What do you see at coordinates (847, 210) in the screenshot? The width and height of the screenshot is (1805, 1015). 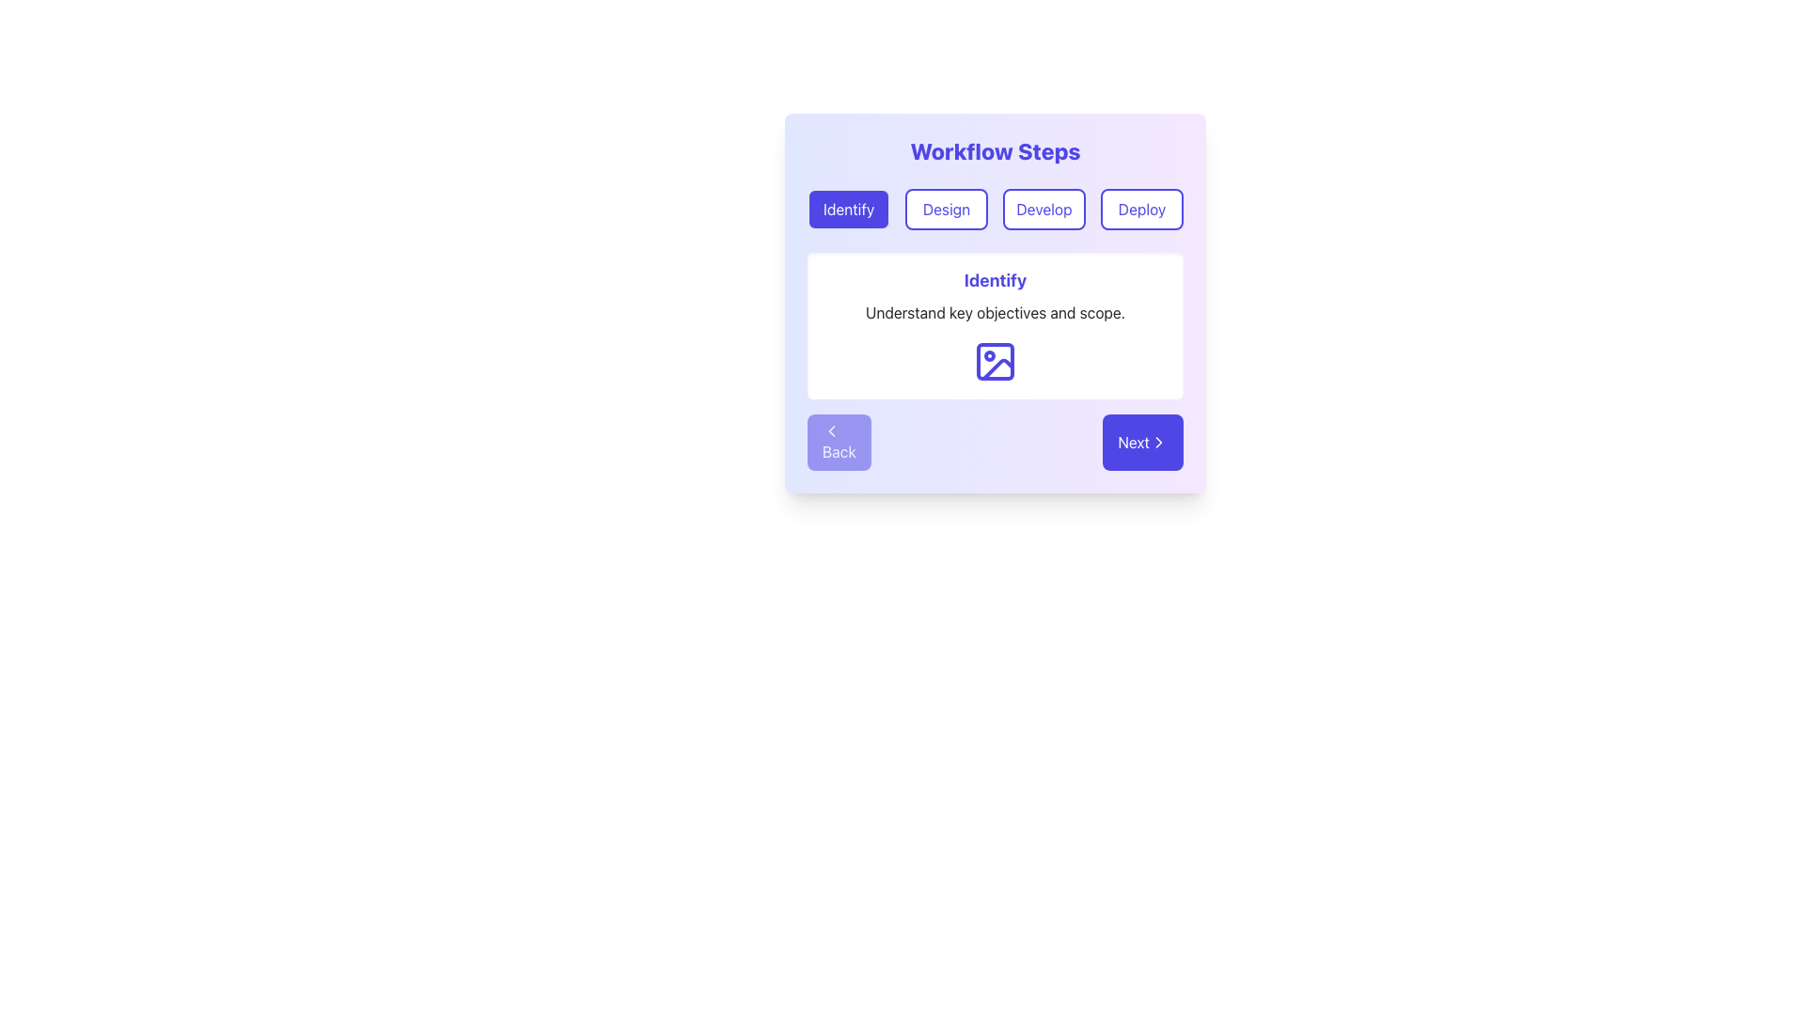 I see `the indigo 'Identify' button, which is the first button in a horizontal group of four` at bounding box center [847, 210].